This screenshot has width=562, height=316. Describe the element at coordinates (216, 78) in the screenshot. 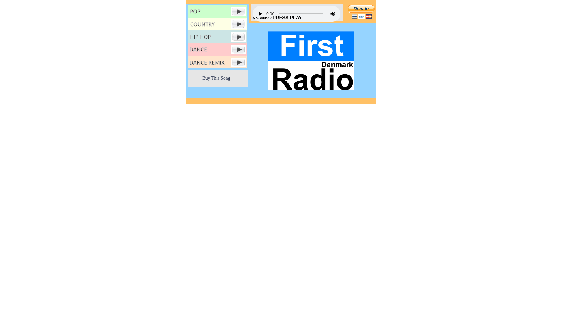

I see `'Buy This Song'` at that location.